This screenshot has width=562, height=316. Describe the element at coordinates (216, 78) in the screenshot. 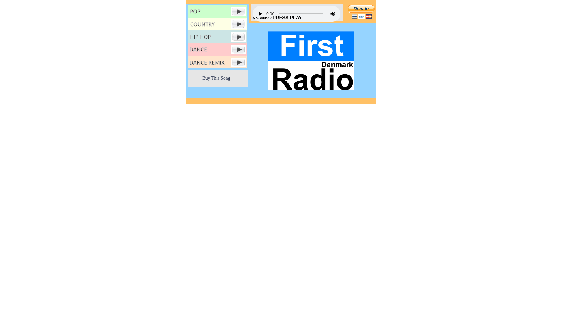

I see `'Buy This Song'` at that location.